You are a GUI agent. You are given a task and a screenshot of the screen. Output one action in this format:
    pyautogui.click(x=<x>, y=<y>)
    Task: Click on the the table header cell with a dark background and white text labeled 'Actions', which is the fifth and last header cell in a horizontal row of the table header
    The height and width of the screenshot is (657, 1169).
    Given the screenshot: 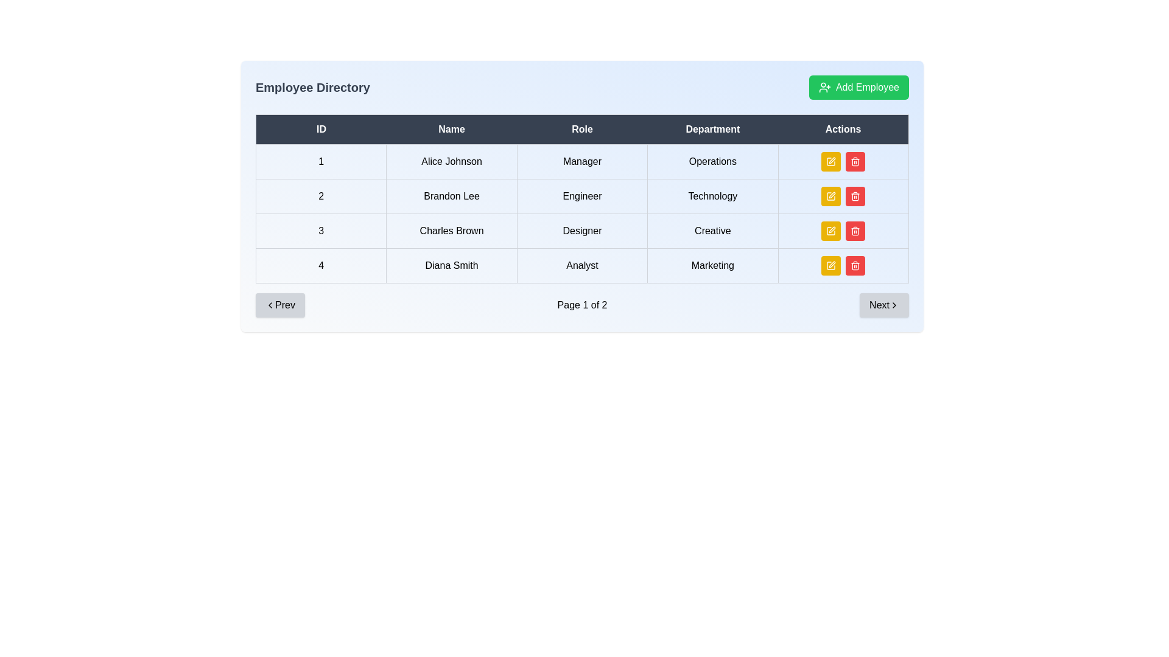 What is the action you would take?
    pyautogui.click(x=843, y=129)
    